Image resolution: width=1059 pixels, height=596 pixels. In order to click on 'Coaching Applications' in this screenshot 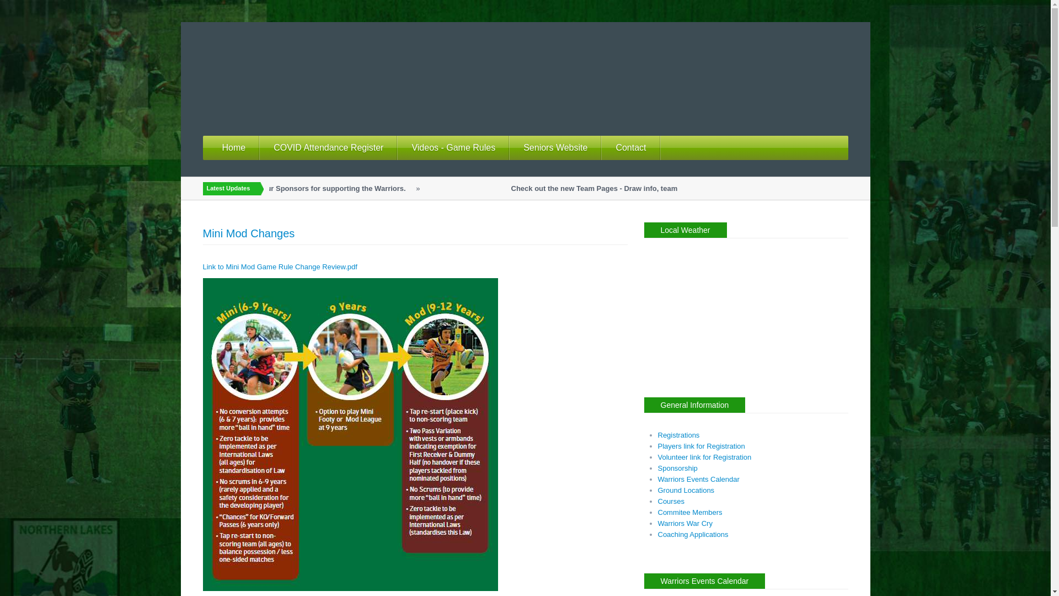, I will do `click(692, 534)`.